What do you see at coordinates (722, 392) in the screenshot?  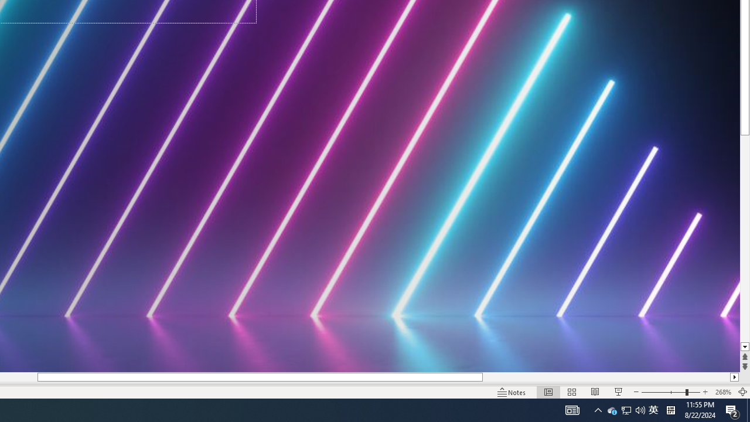 I see `'Zoom 268%'` at bounding box center [722, 392].